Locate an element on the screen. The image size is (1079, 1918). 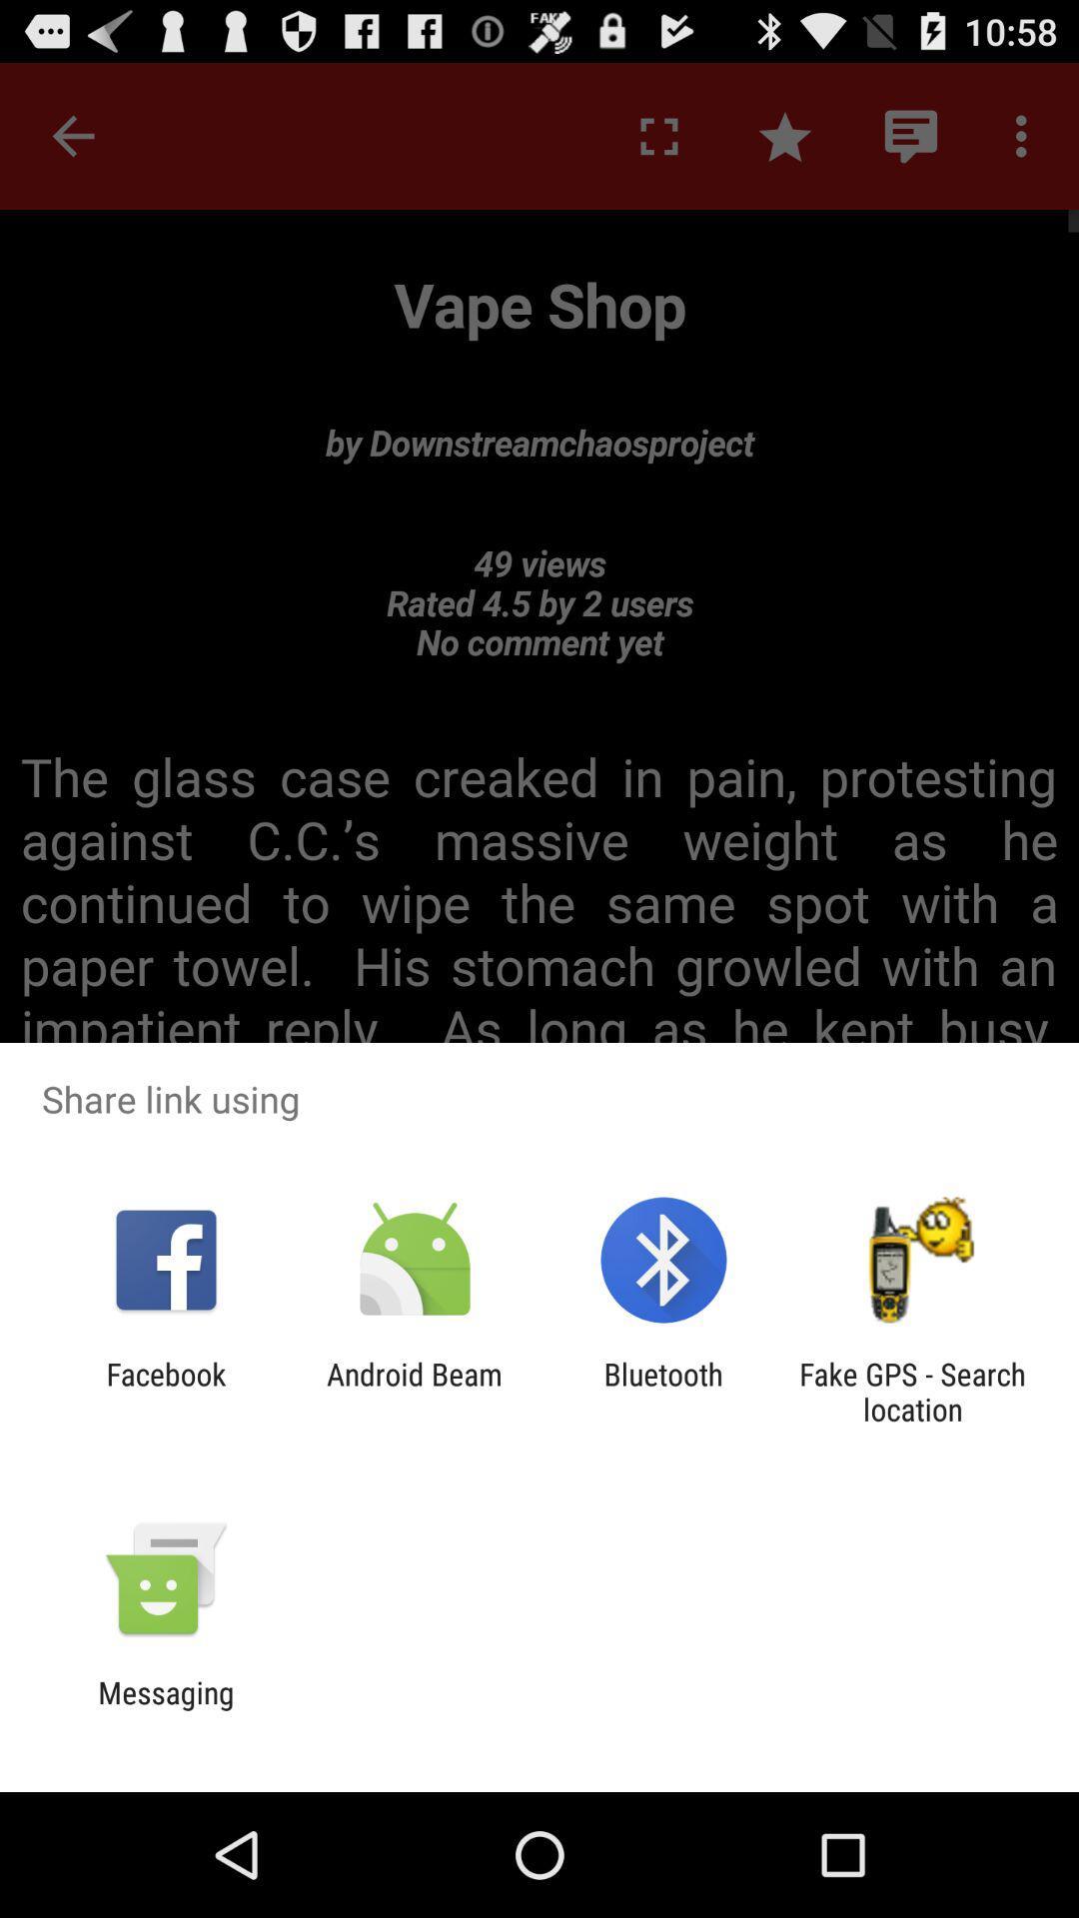
the bluetooth item is located at coordinates (663, 1391).